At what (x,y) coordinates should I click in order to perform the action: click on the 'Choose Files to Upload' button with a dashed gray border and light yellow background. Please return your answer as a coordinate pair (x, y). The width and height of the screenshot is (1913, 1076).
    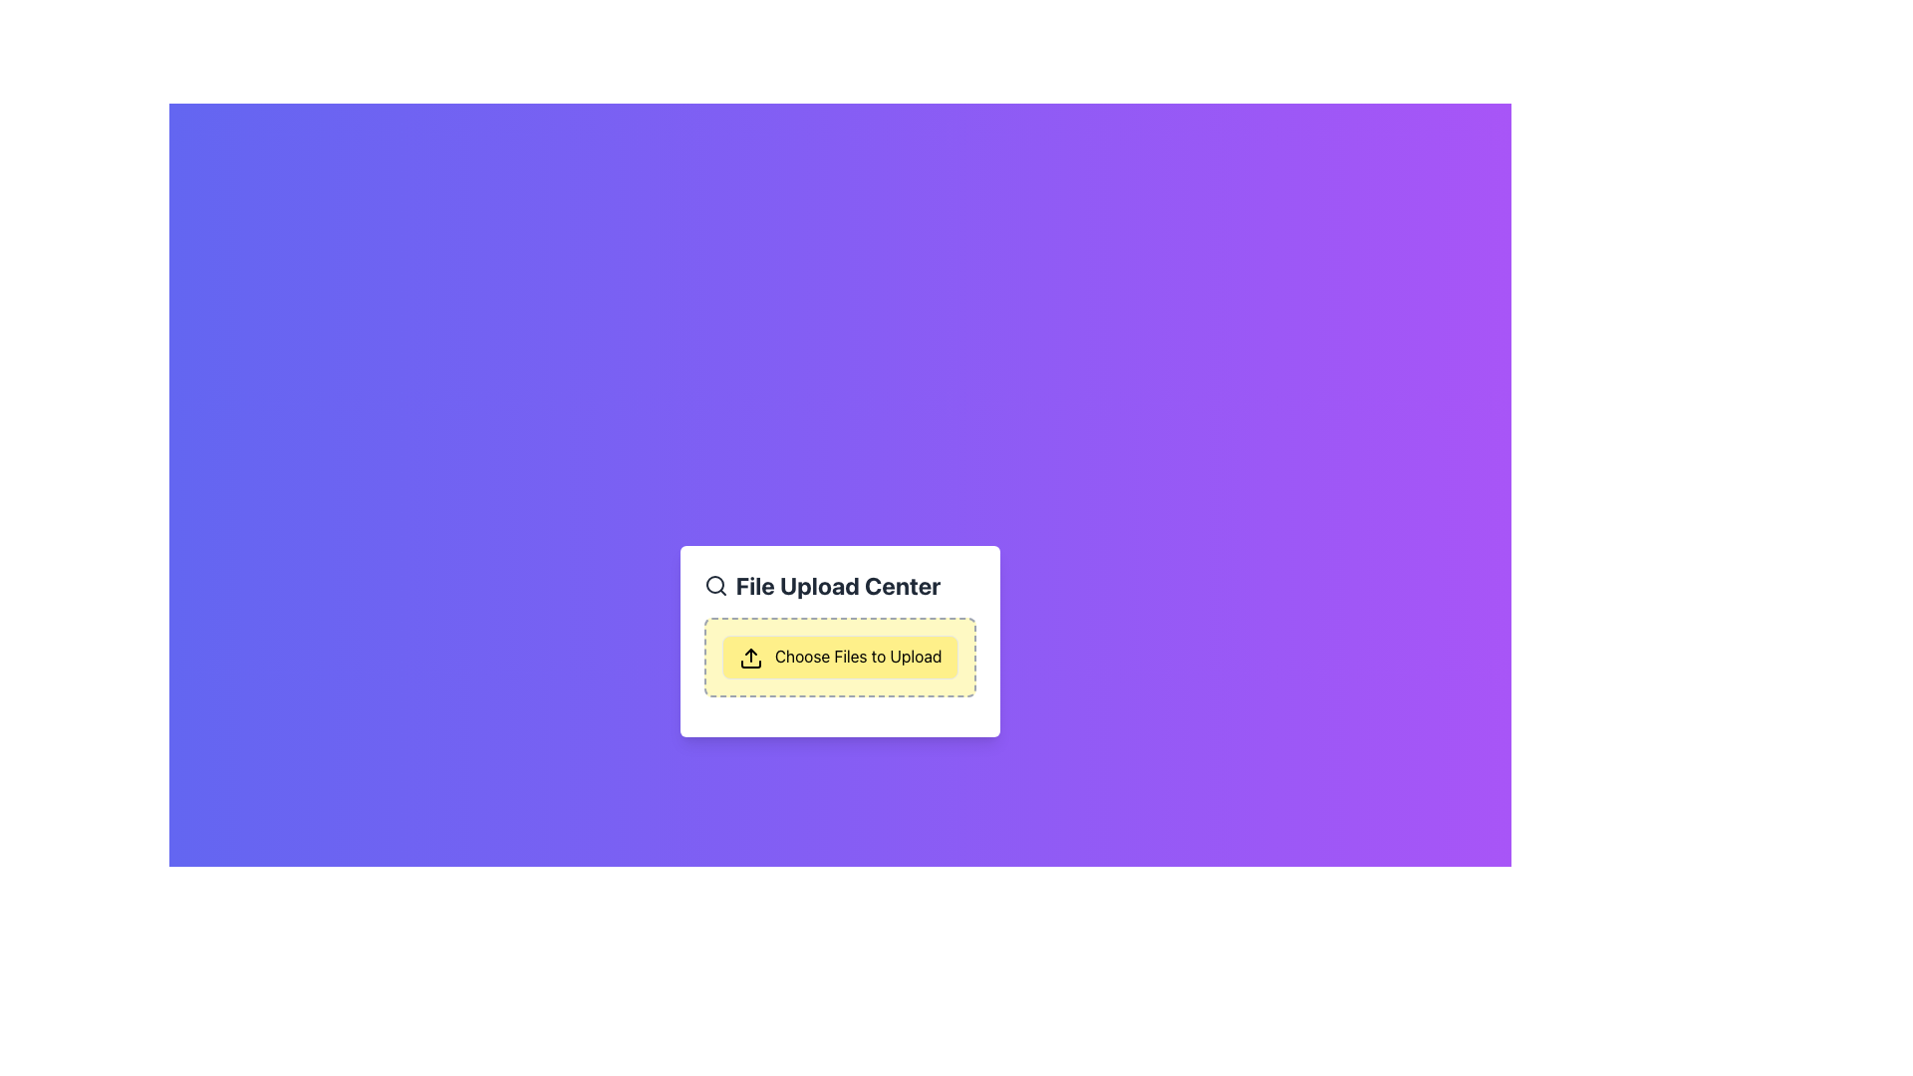
    Looking at the image, I should click on (840, 657).